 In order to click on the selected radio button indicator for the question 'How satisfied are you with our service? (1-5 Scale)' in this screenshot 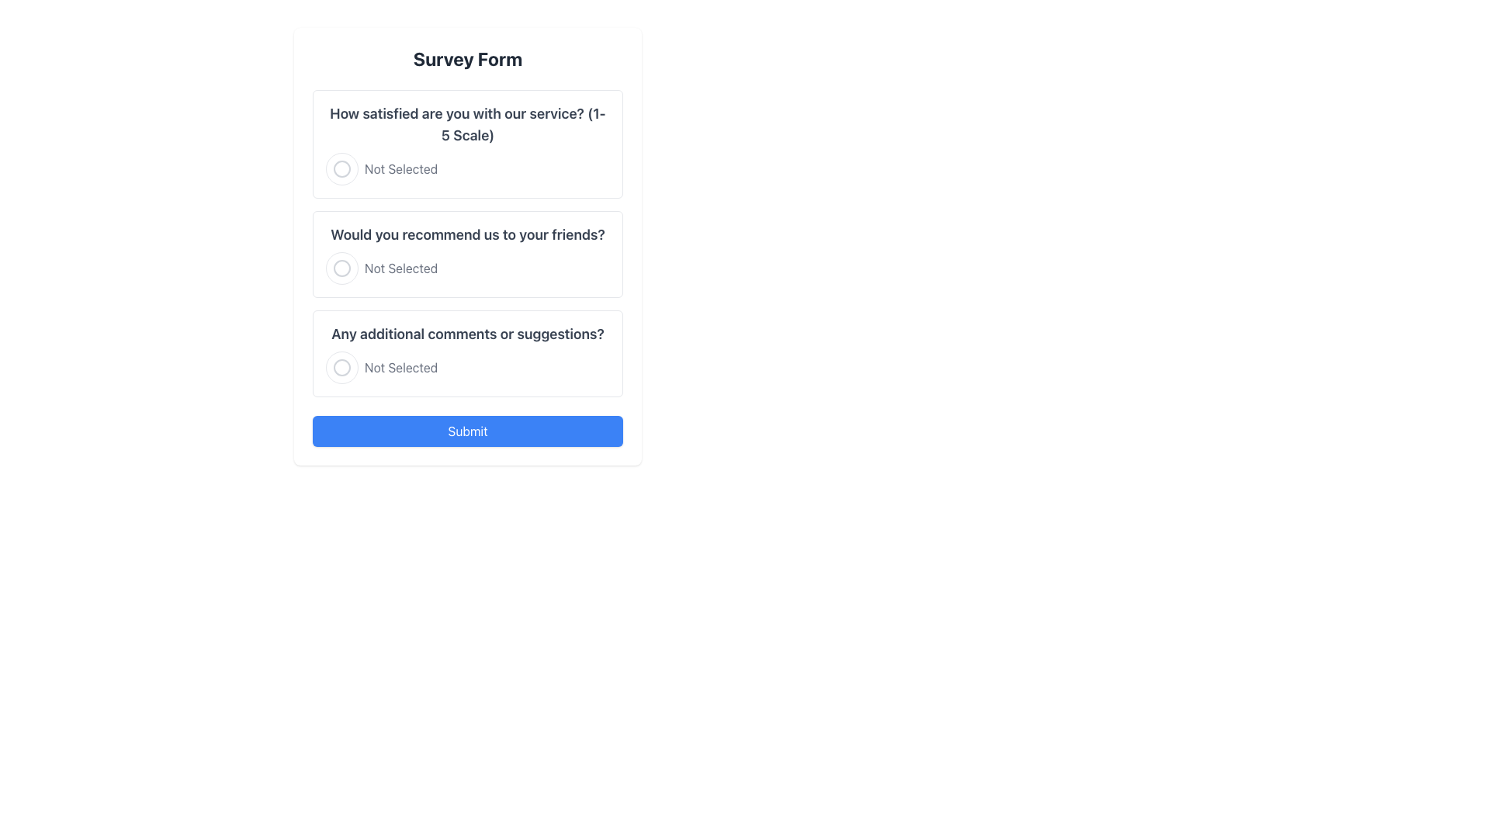, I will do `click(341, 169)`.